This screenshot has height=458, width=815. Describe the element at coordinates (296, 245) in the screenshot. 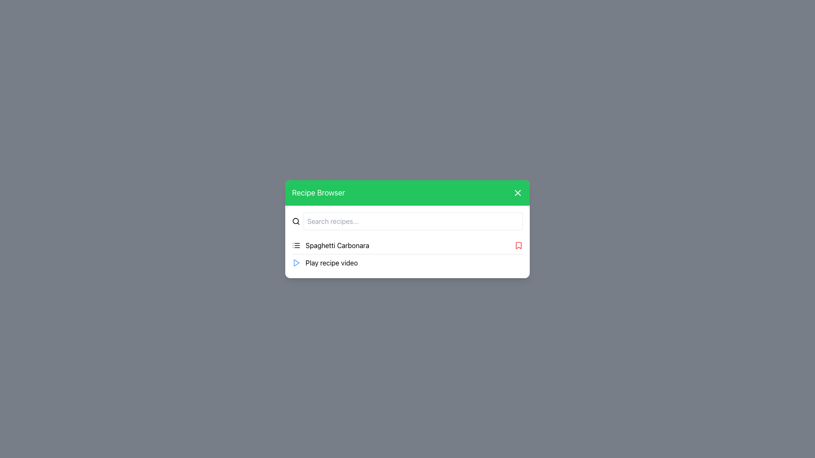

I see `the menu icon located to the left of the 'Spaghetti Carbonara' row in the 'Recipe Browser' pop-up window` at that location.